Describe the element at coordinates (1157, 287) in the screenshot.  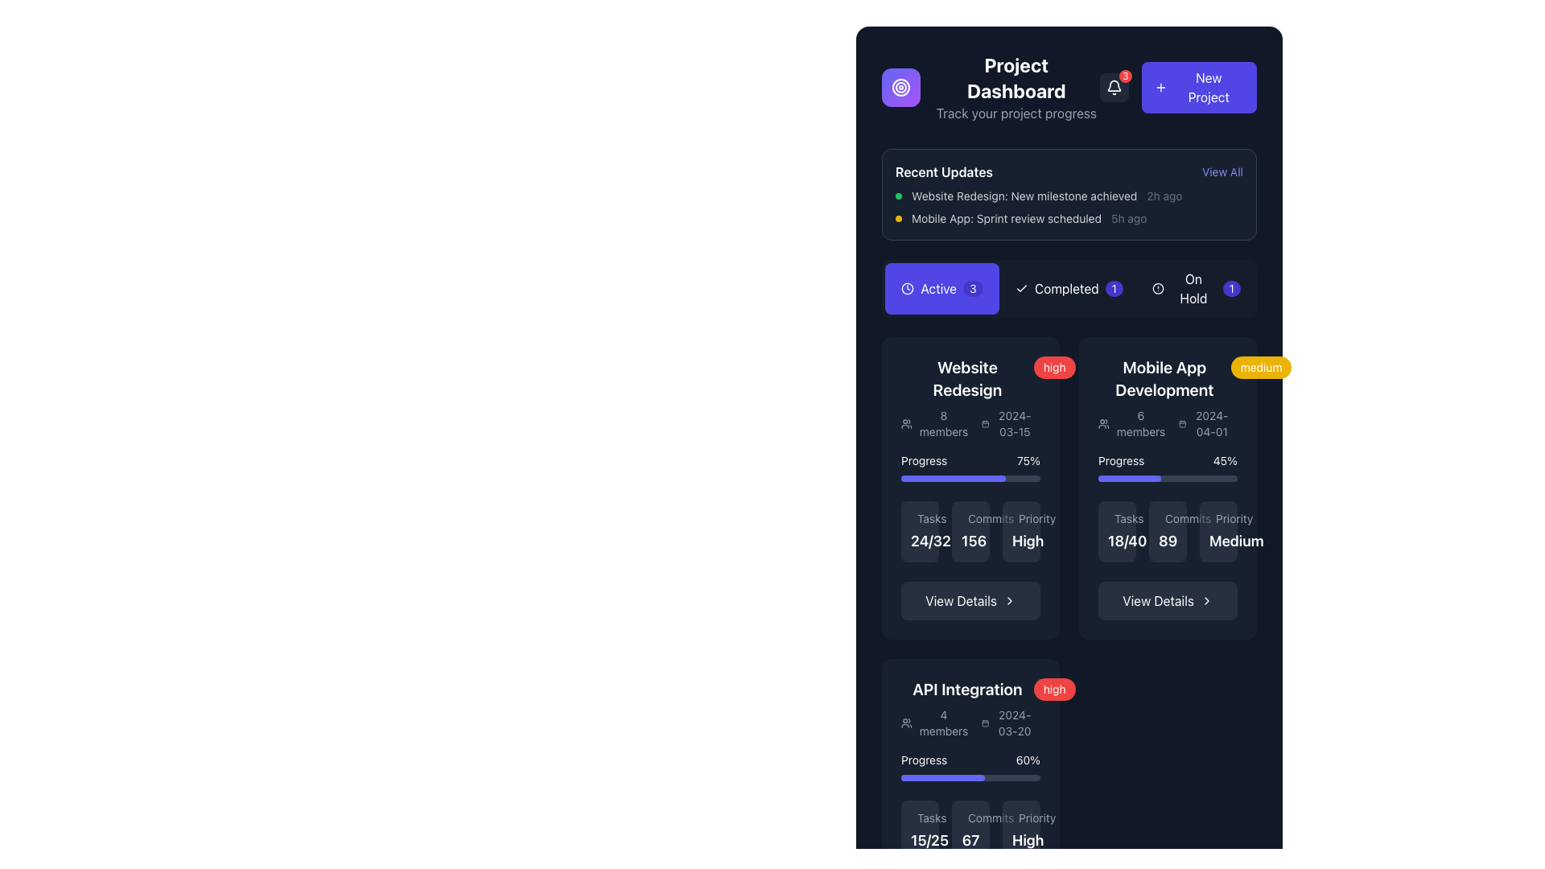
I see `the circular icon with a ring and a small filled circle inside, located to the left of the 'On Hold' text` at that location.